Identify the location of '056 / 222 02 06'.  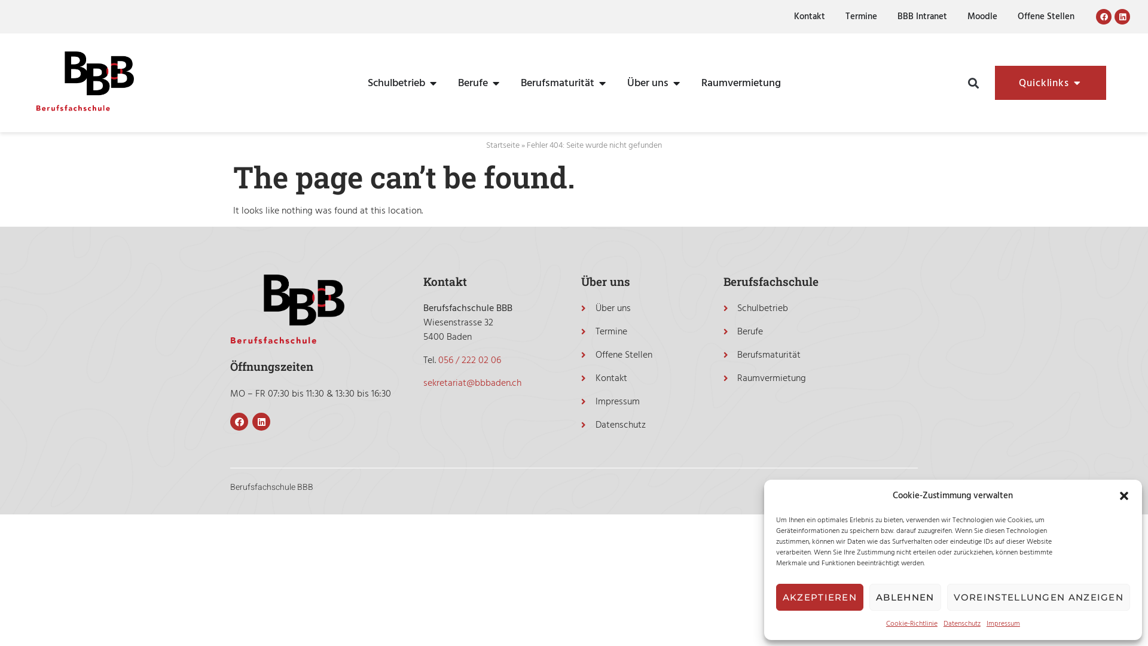
(469, 359).